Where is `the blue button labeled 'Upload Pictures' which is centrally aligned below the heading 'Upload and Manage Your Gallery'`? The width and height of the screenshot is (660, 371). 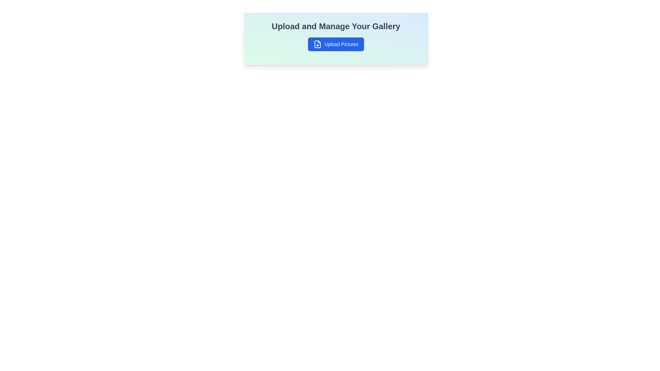 the blue button labeled 'Upload Pictures' which is centrally aligned below the heading 'Upload and Manage Your Gallery' is located at coordinates (336, 44).